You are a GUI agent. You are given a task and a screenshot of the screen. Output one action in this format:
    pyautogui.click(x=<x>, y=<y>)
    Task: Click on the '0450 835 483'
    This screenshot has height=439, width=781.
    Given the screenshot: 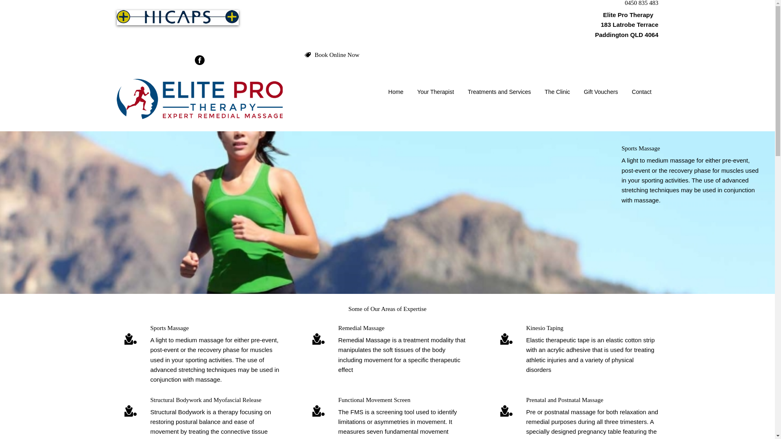 What is the action you would take?
    pyautogui.click(x=624, y=3)
    